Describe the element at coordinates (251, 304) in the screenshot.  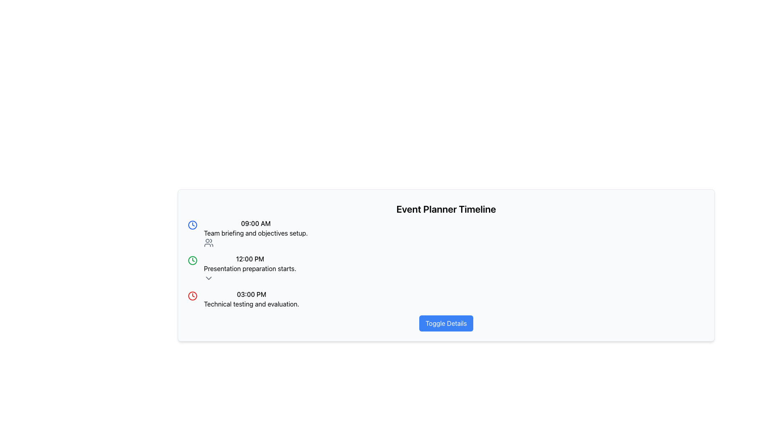
I see `text content of the Text label displaying 'Technical testing and evaluation.' which is located below the time '03:00 PM' in the timeline` at that location.